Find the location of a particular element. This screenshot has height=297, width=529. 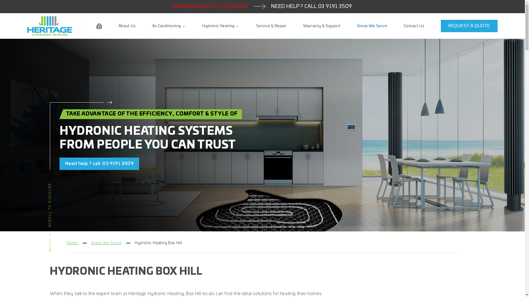

'Air Conditioning' is located at coordinates (152, 26).